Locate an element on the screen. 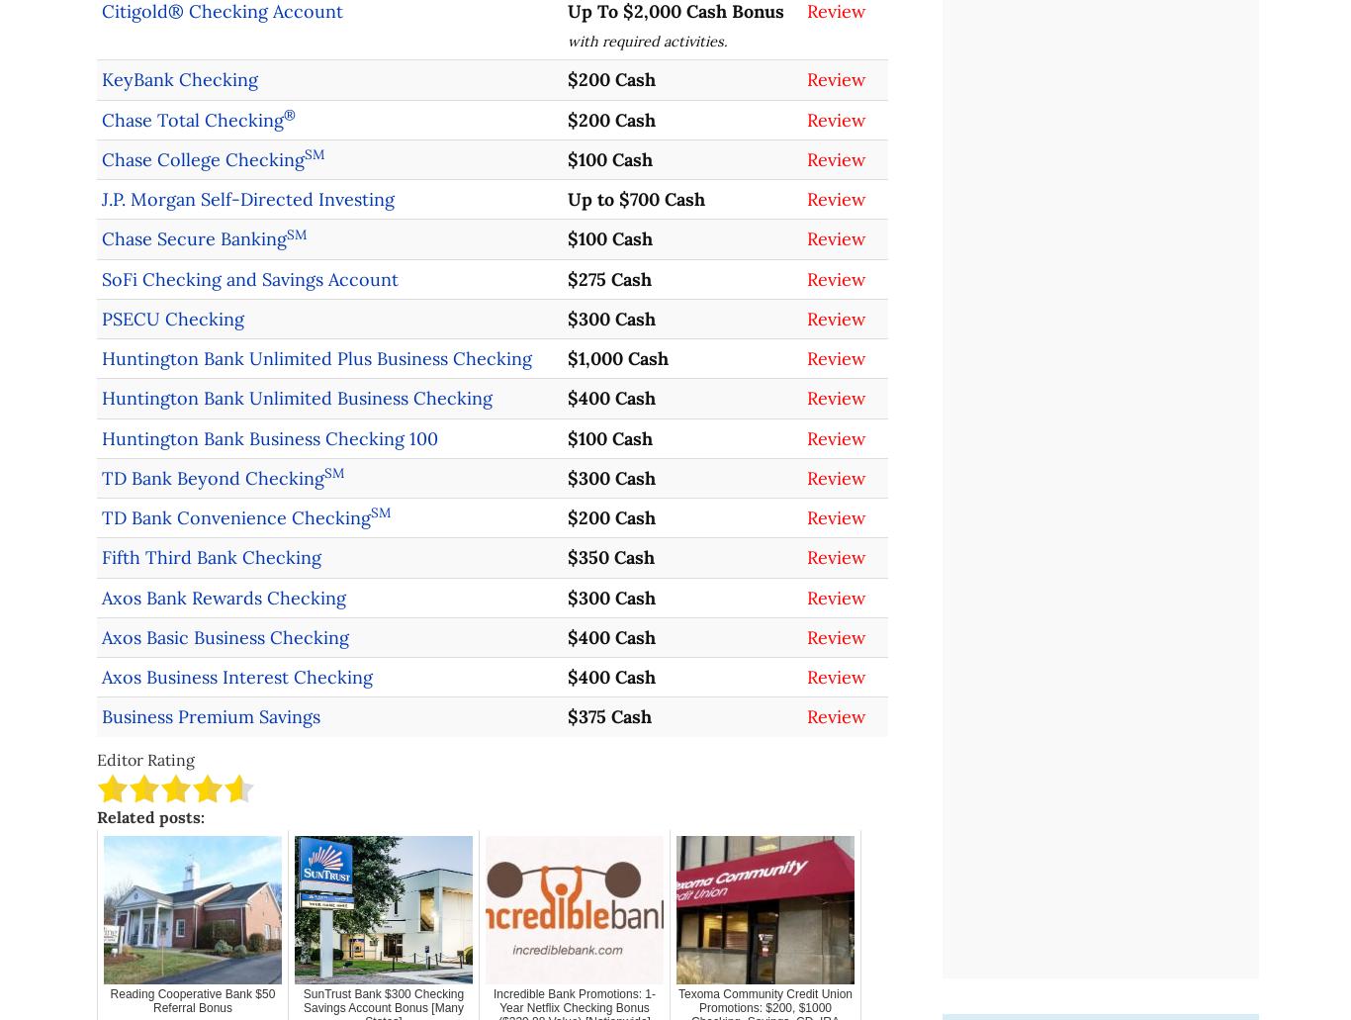 This screenshot has width=1351, height=1020. 'Editor Rating' is located at coordinates (144, 757).